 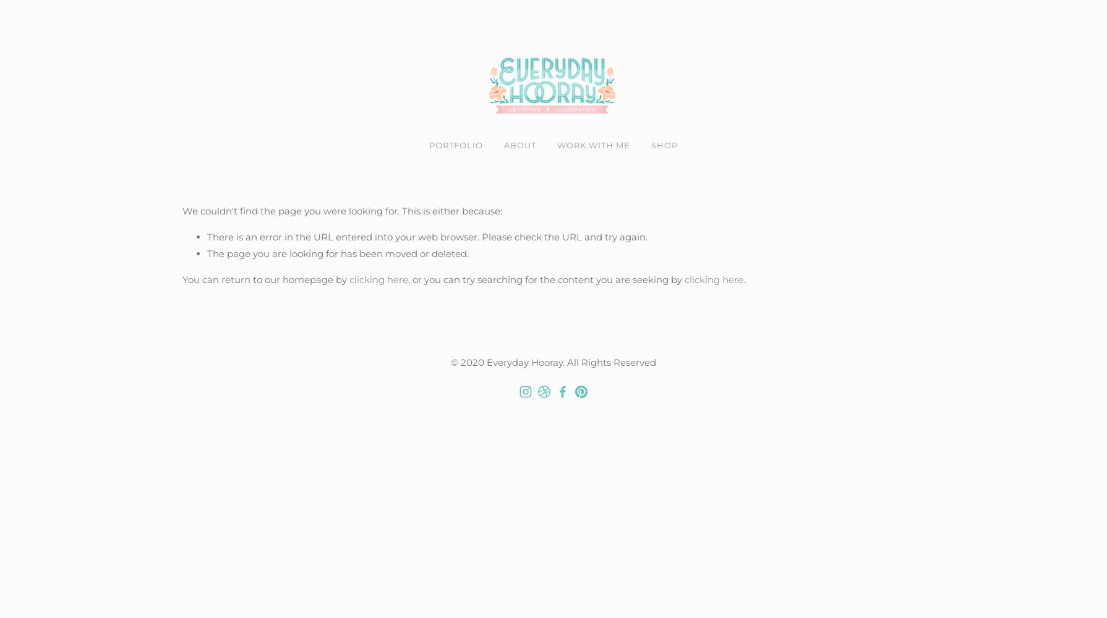 I want to click on 'Portfolio', so click(x=455, y=145).